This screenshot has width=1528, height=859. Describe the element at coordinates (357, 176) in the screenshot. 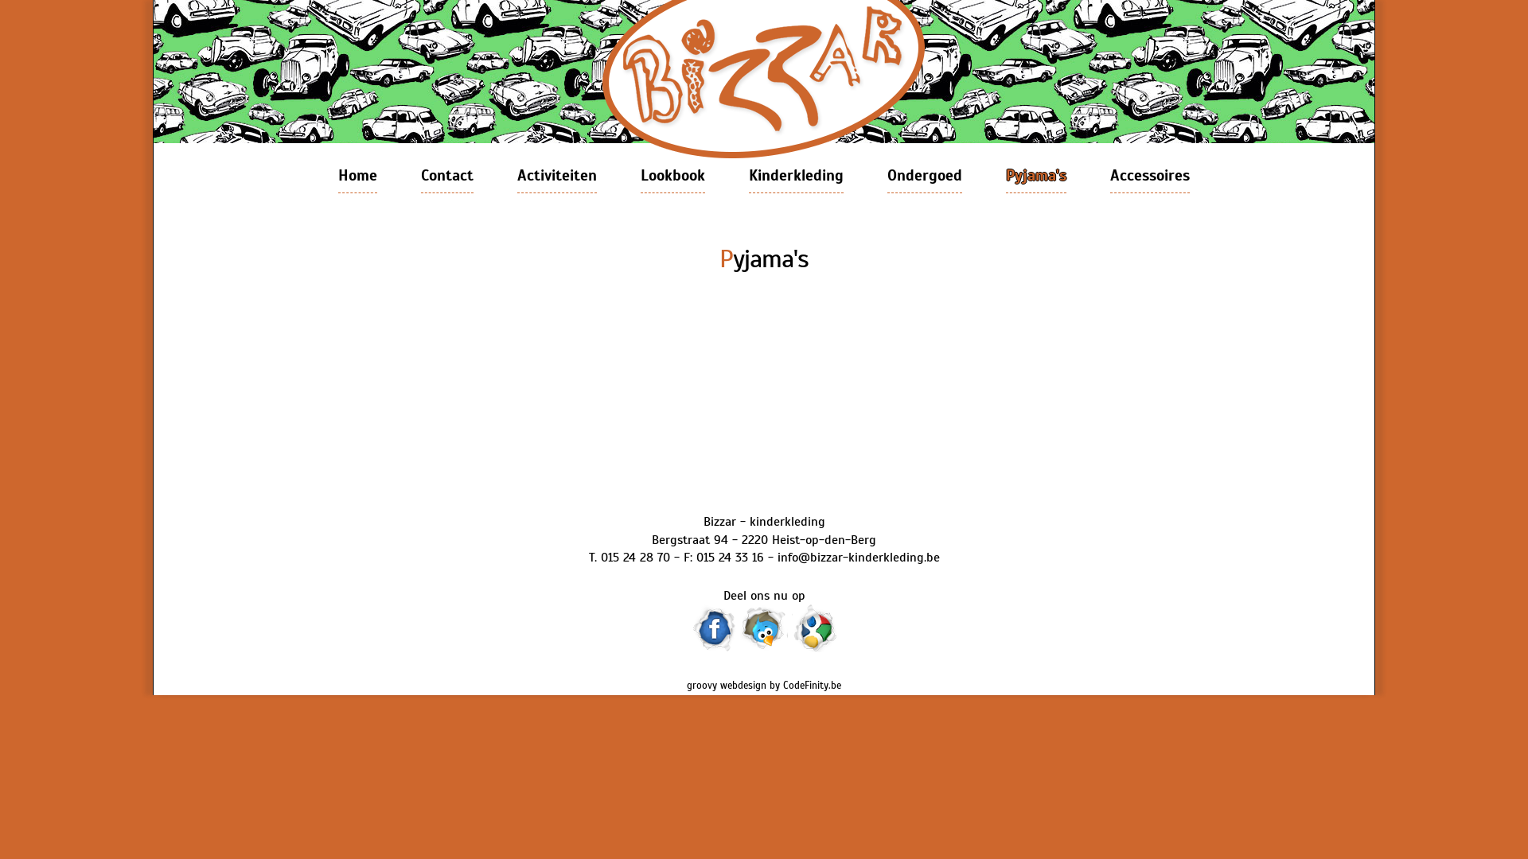

I see `'Home'` at that location.